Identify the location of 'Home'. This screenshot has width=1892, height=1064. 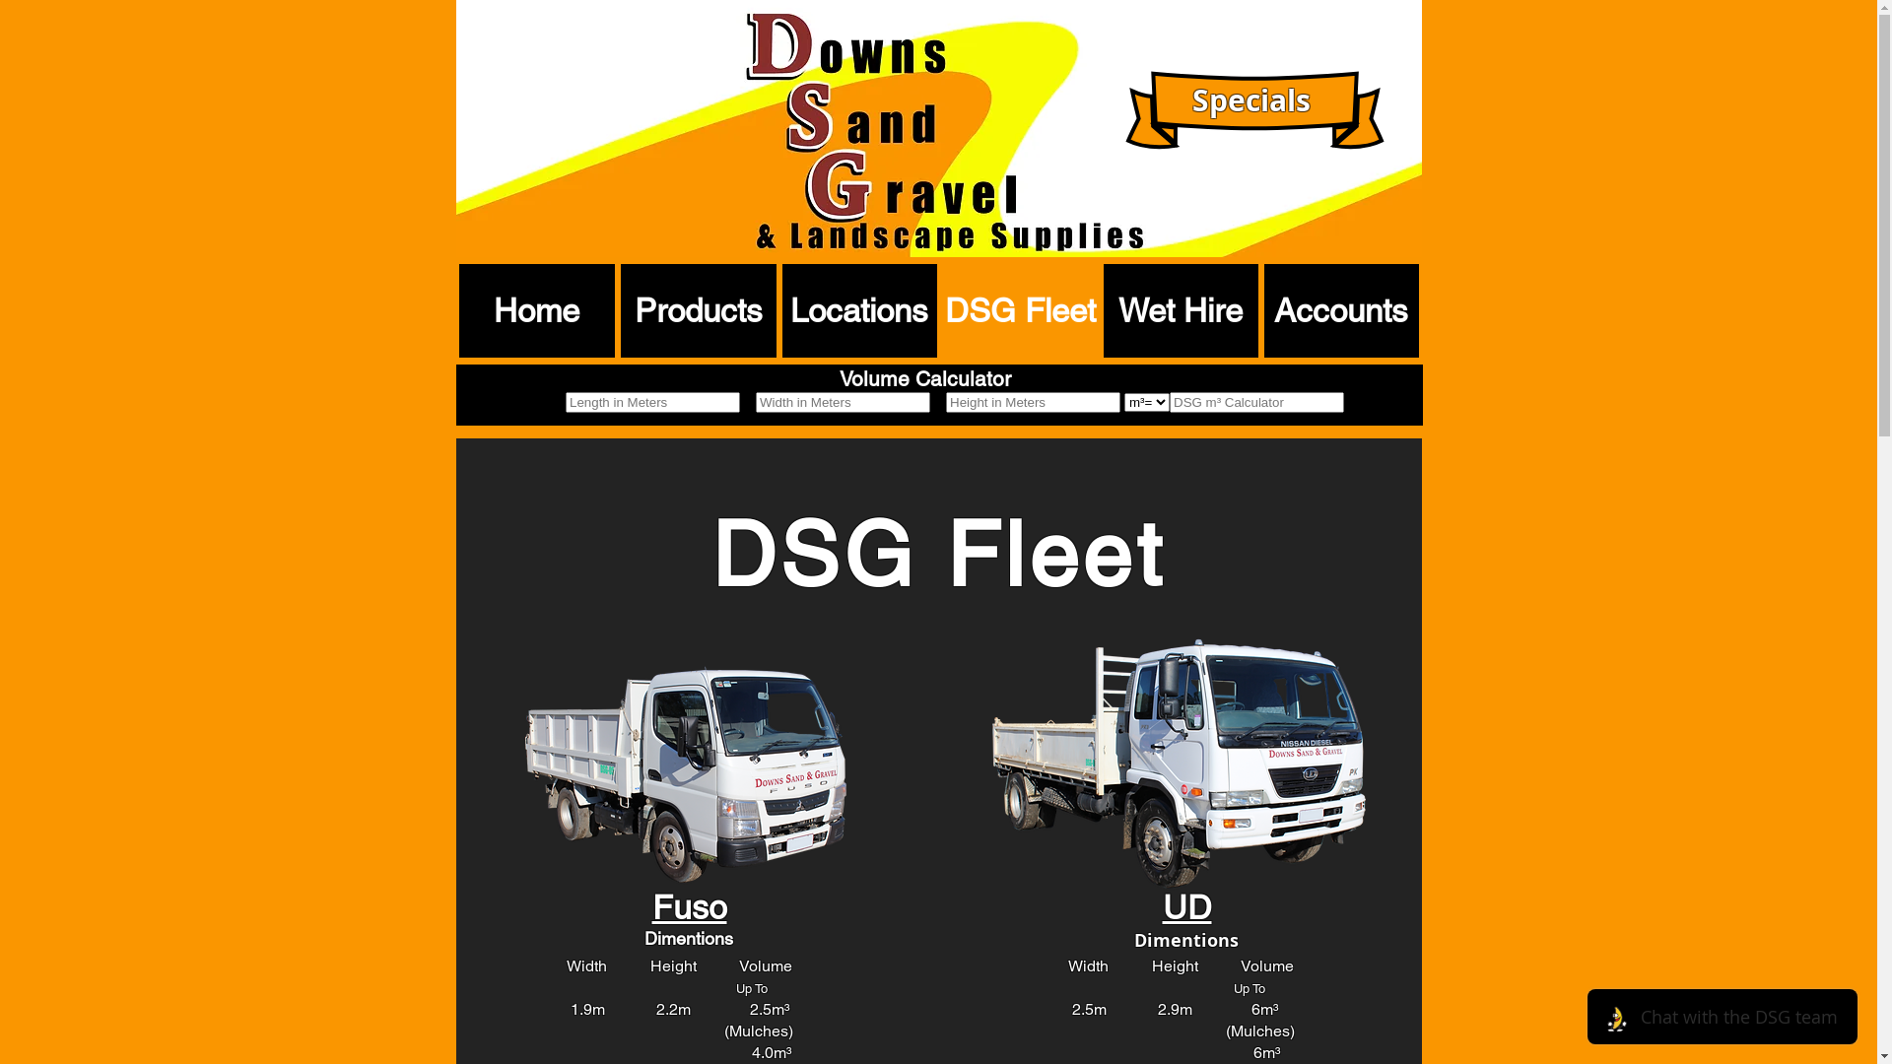
(537, 310).